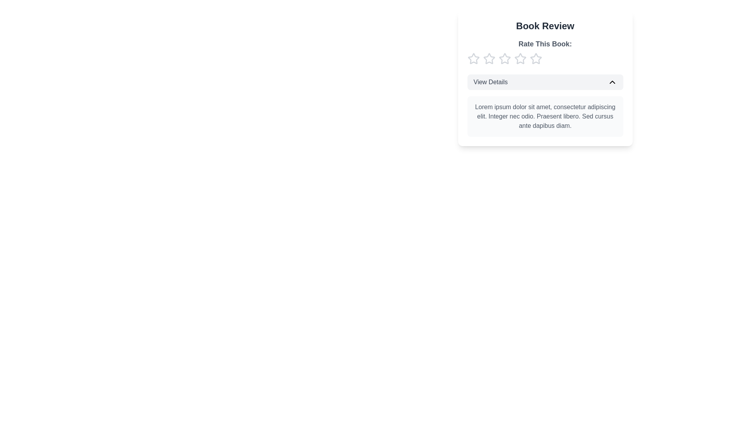  What do you see at coordinates (535, 58) in the screenshot?
I see `the fifth star-shaped rating icon in the row, which is gray and located below the 'Rate This Book:' text` at bounding box center [535, 58].